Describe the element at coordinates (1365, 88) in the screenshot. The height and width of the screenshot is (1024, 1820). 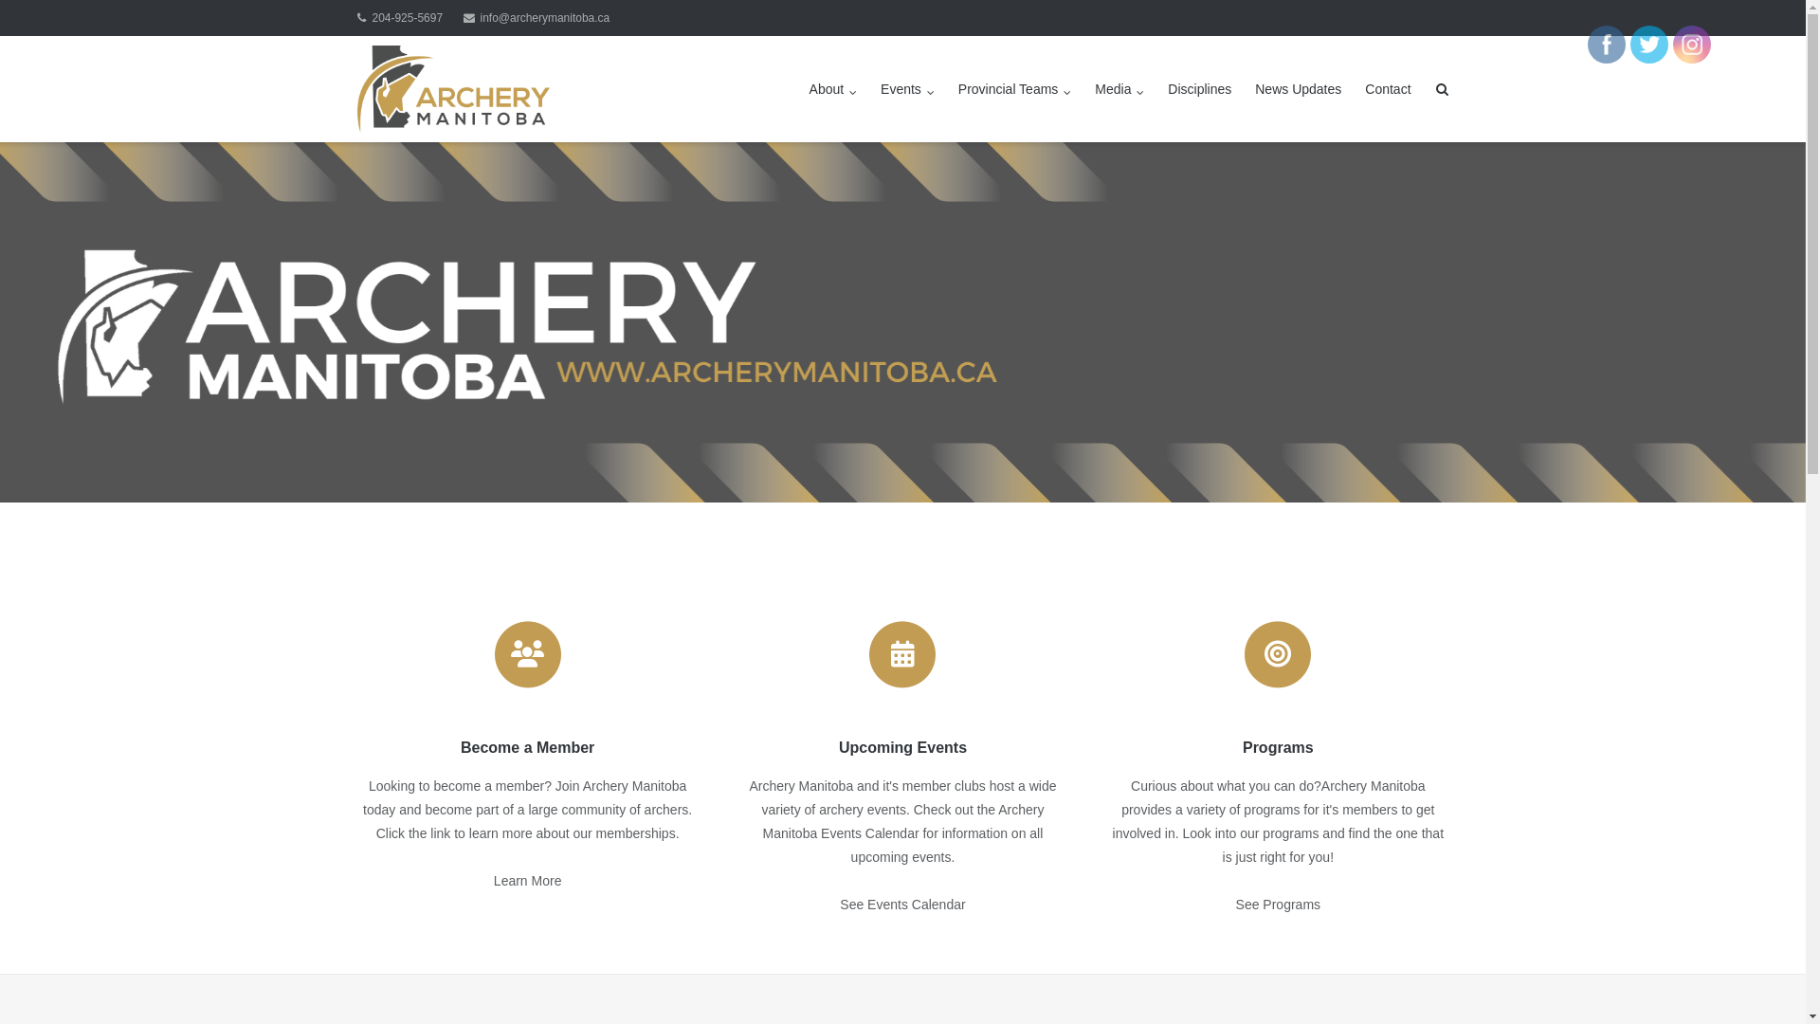
I see `'Contact'` at that location.